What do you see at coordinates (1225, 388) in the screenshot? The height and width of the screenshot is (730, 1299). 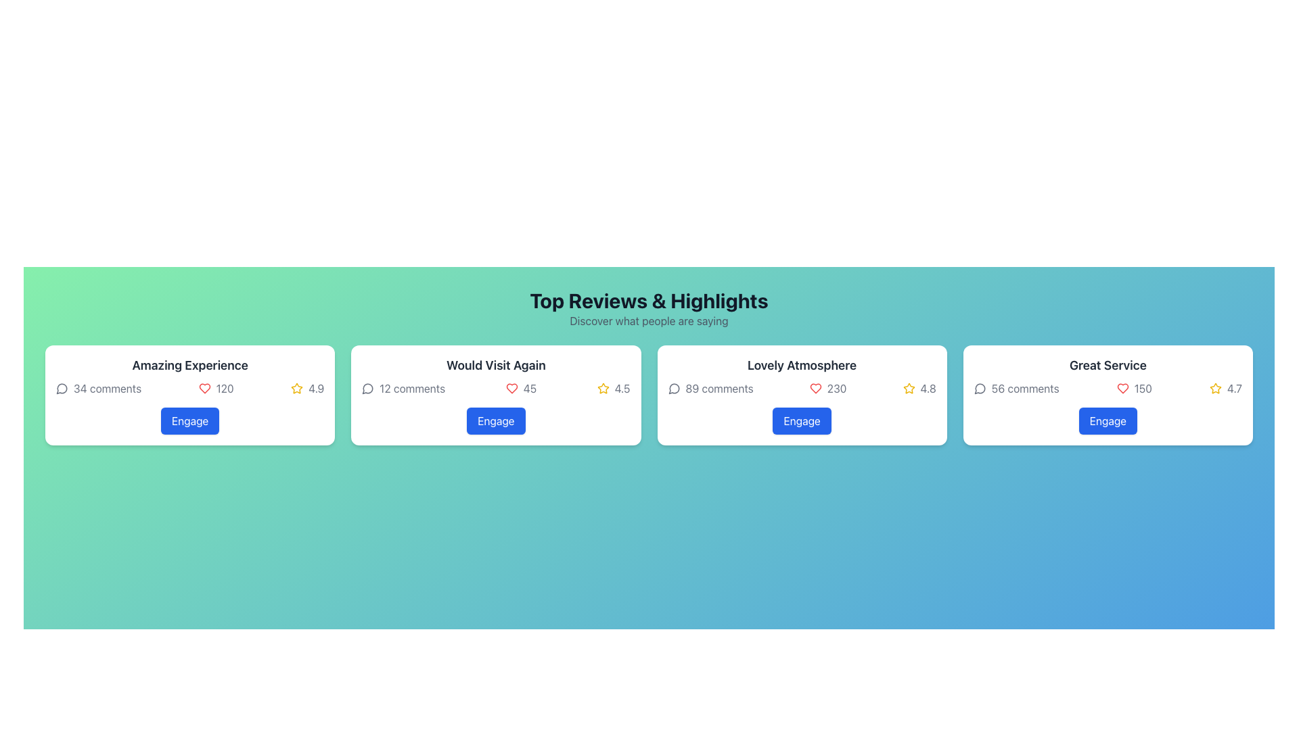 I see `the Rating Display element, which shows the numeric text '4.7' in gray next to a yellow star icon, located in the bottom-right section of the card under the 'Great Service' heading` at bounding box center [1225, 388].